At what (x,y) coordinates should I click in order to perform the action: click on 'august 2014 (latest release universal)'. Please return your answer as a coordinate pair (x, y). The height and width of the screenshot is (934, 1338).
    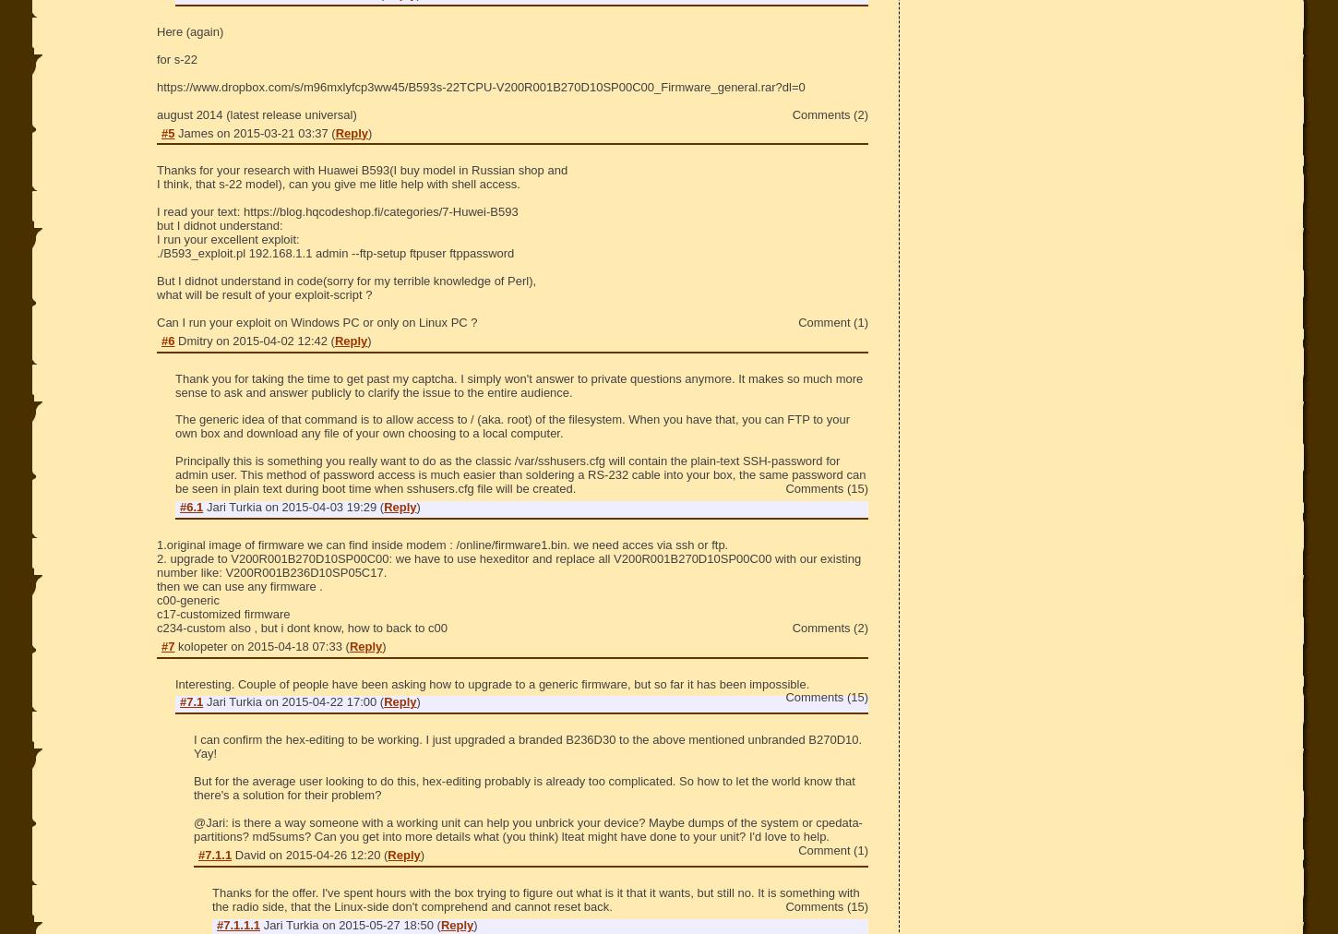
    Looking at the image, I should click on (256, 113).